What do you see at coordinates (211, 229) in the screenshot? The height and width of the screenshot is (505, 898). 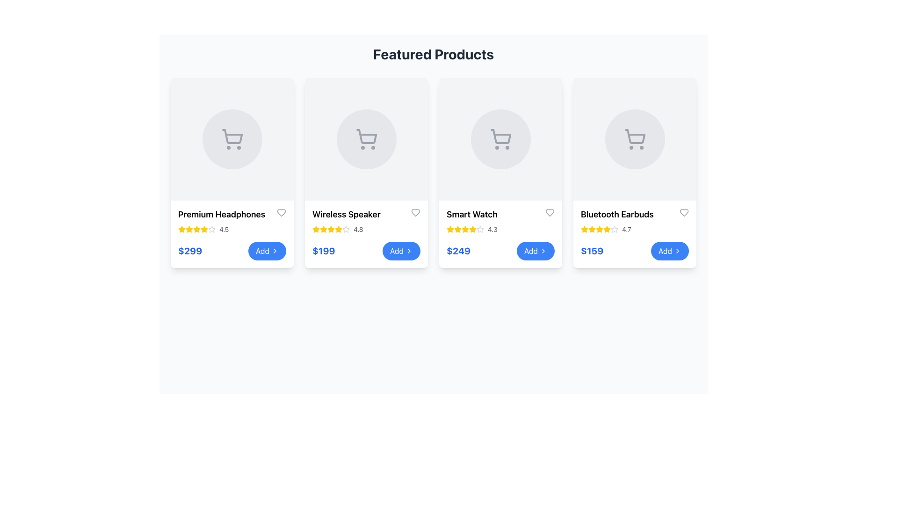 I see `the first star icon in the rating section of the 'Premium Headphones' product card, which represents one unit of the five-star rating system` at bounding box center [211, 229].